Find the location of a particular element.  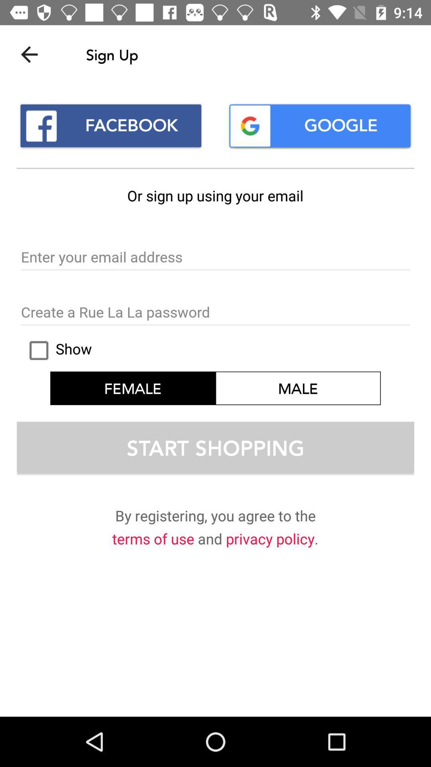

facebook icon is located at coordinates (111, 125).